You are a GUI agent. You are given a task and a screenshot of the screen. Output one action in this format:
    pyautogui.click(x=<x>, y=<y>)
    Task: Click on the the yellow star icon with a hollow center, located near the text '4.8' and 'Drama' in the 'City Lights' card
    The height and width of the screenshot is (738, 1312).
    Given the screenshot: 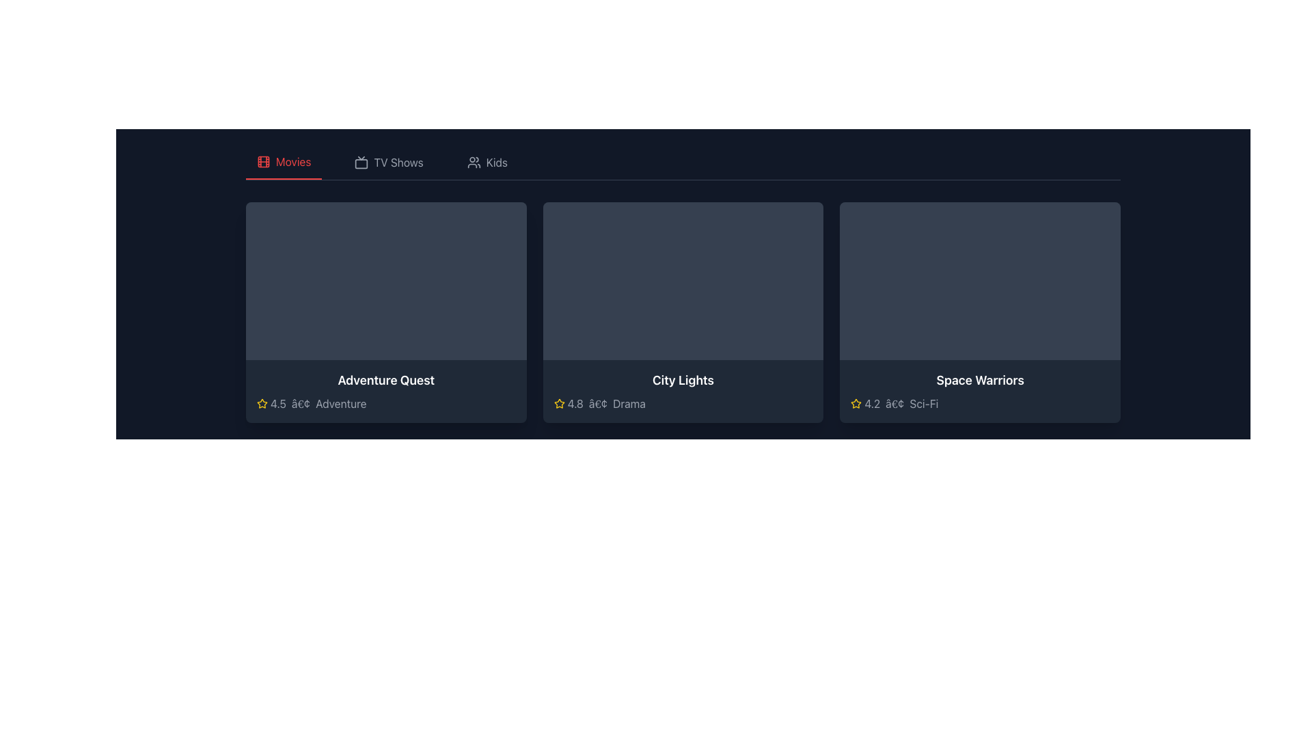 What is the action you would take?
    pyautogui.click(x=559, y=402)
    